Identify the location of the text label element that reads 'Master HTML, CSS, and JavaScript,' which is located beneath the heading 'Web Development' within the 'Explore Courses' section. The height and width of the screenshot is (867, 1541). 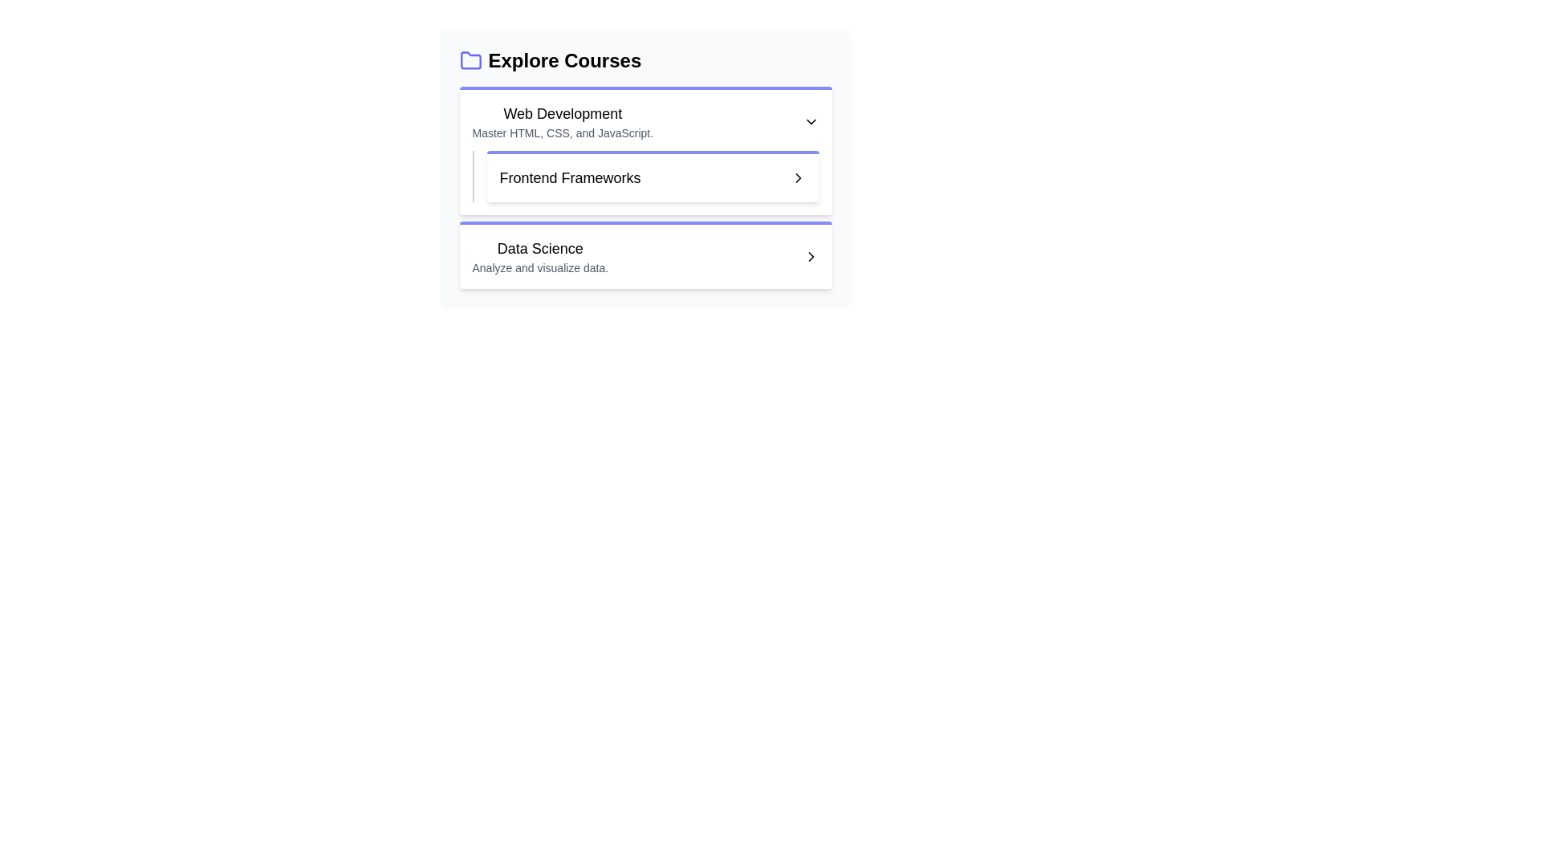
(563, 132).